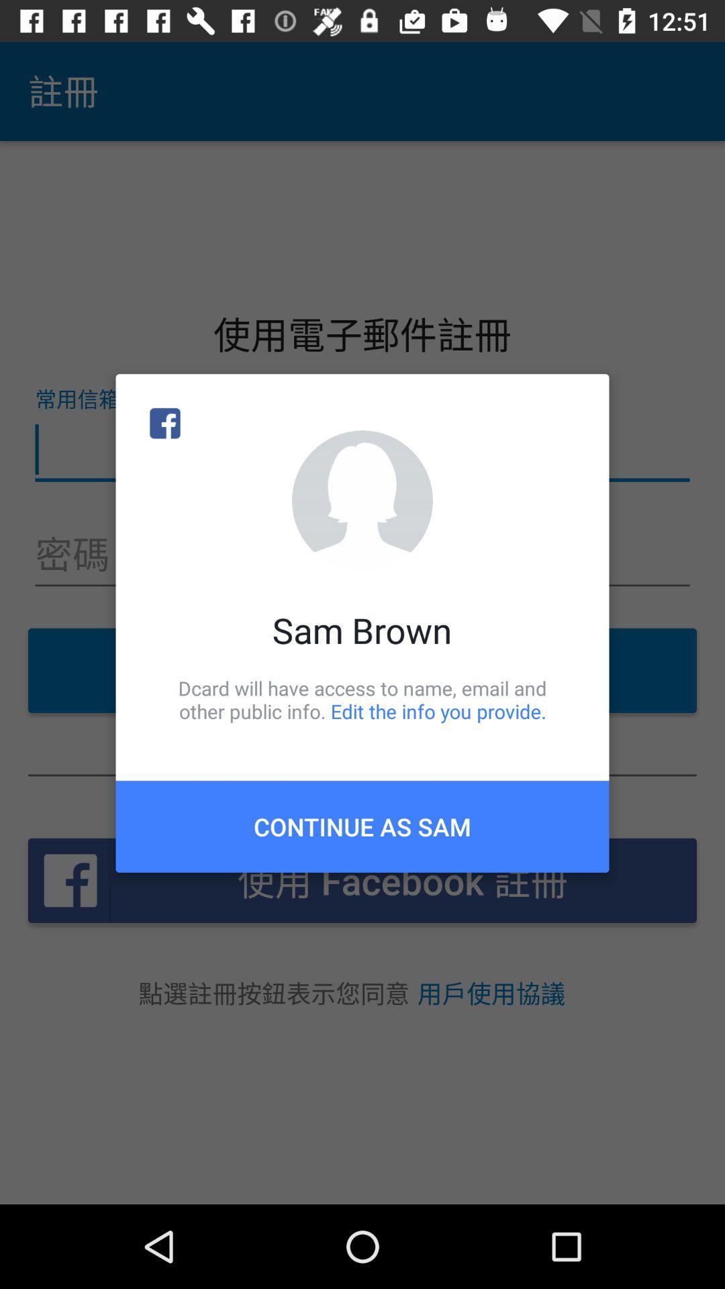 Image resolution: width=725 pixels, height=1289 pixels. Describe the element at coordinates (362, 699) in the screenshot. I see `icon above the continue as sam item` at that location.